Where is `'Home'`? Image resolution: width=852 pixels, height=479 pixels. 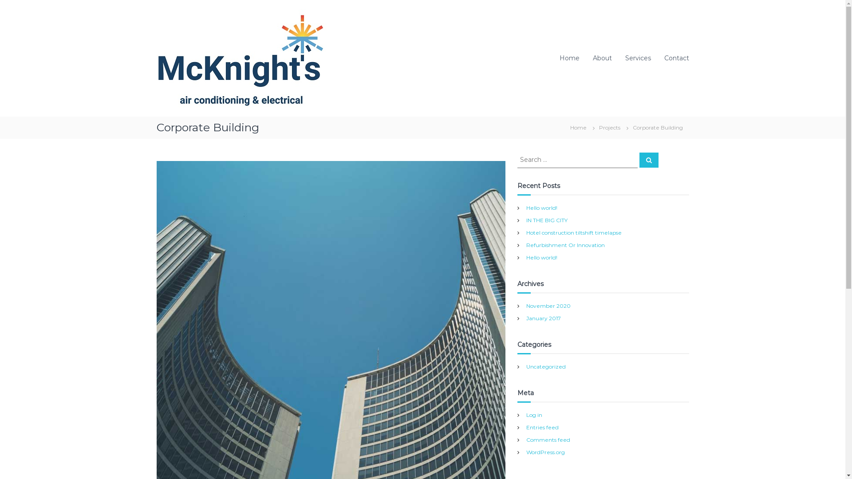 'Home' is located at coordinates (569, 58).